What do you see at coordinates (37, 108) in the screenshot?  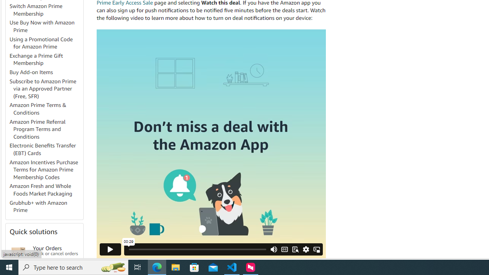 I see `'Amazon Prime Terms & Conditions'` at bounding box center [37, 108].